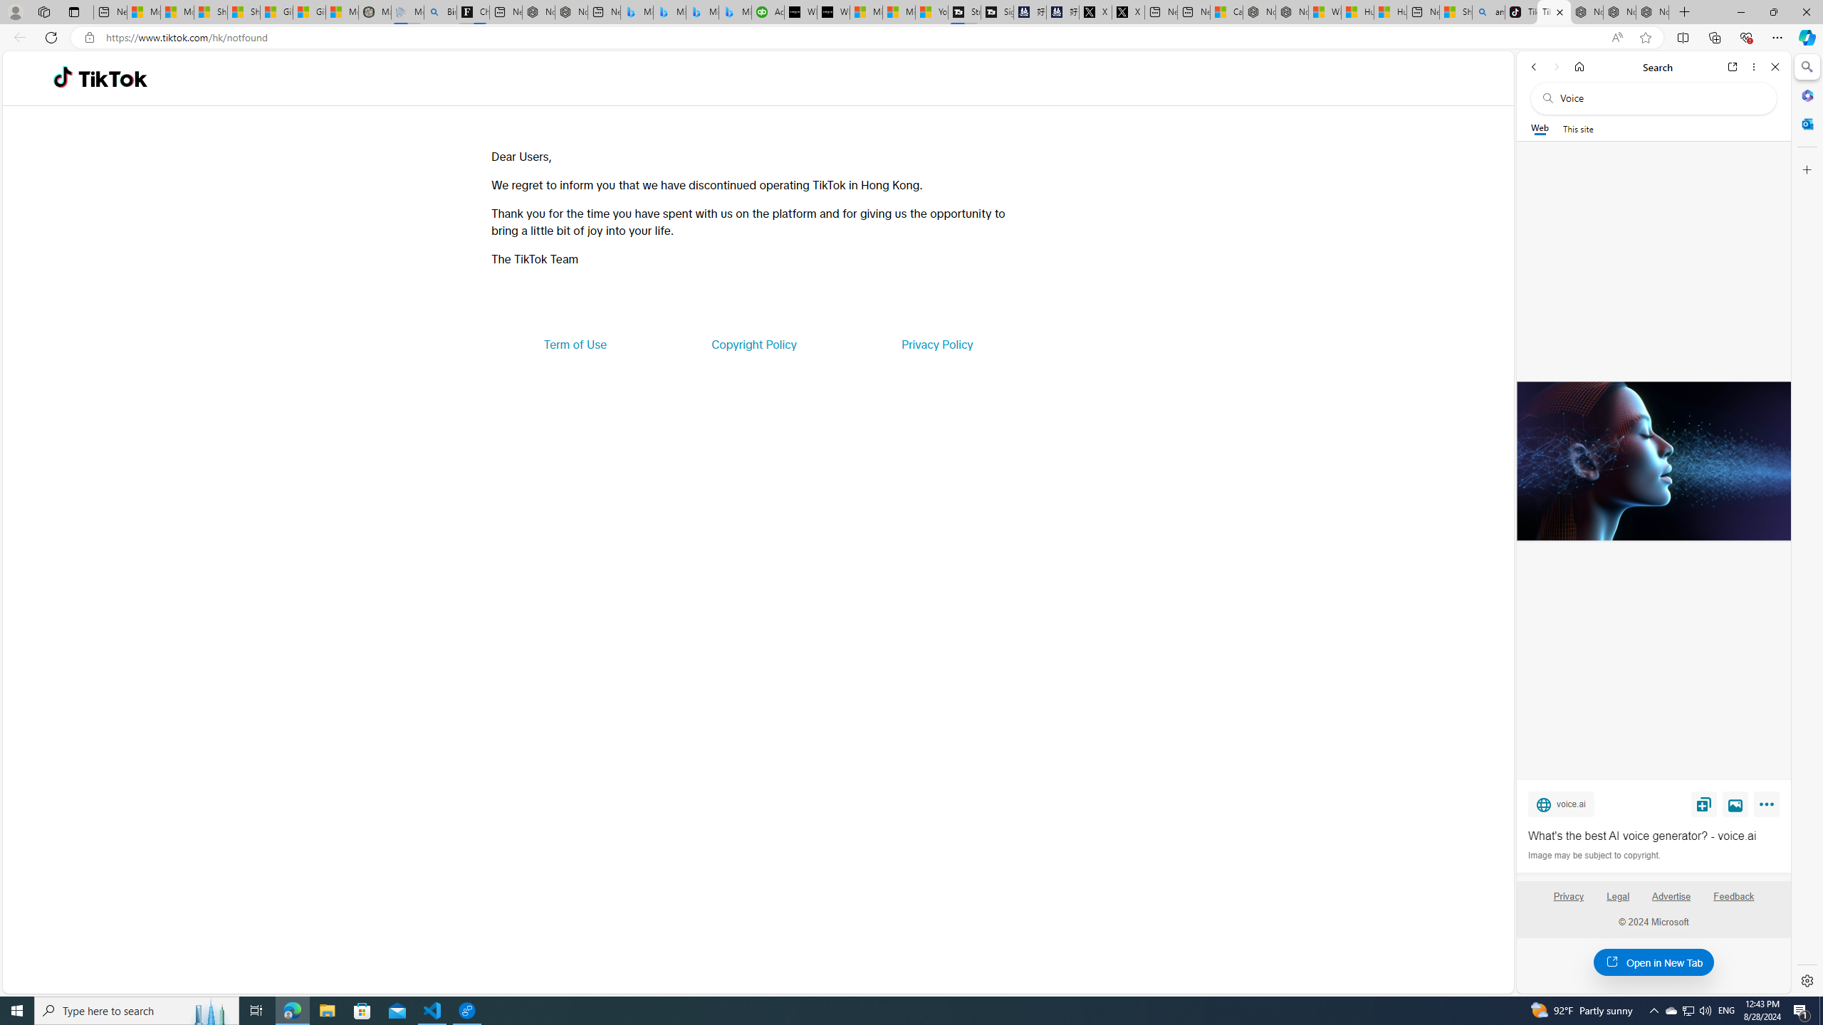 The width and height of the screenshot is (1823, 1025). Describe the element at coordinates (1577, 128) in the screenshot. I see `'This site scope'` at that location.